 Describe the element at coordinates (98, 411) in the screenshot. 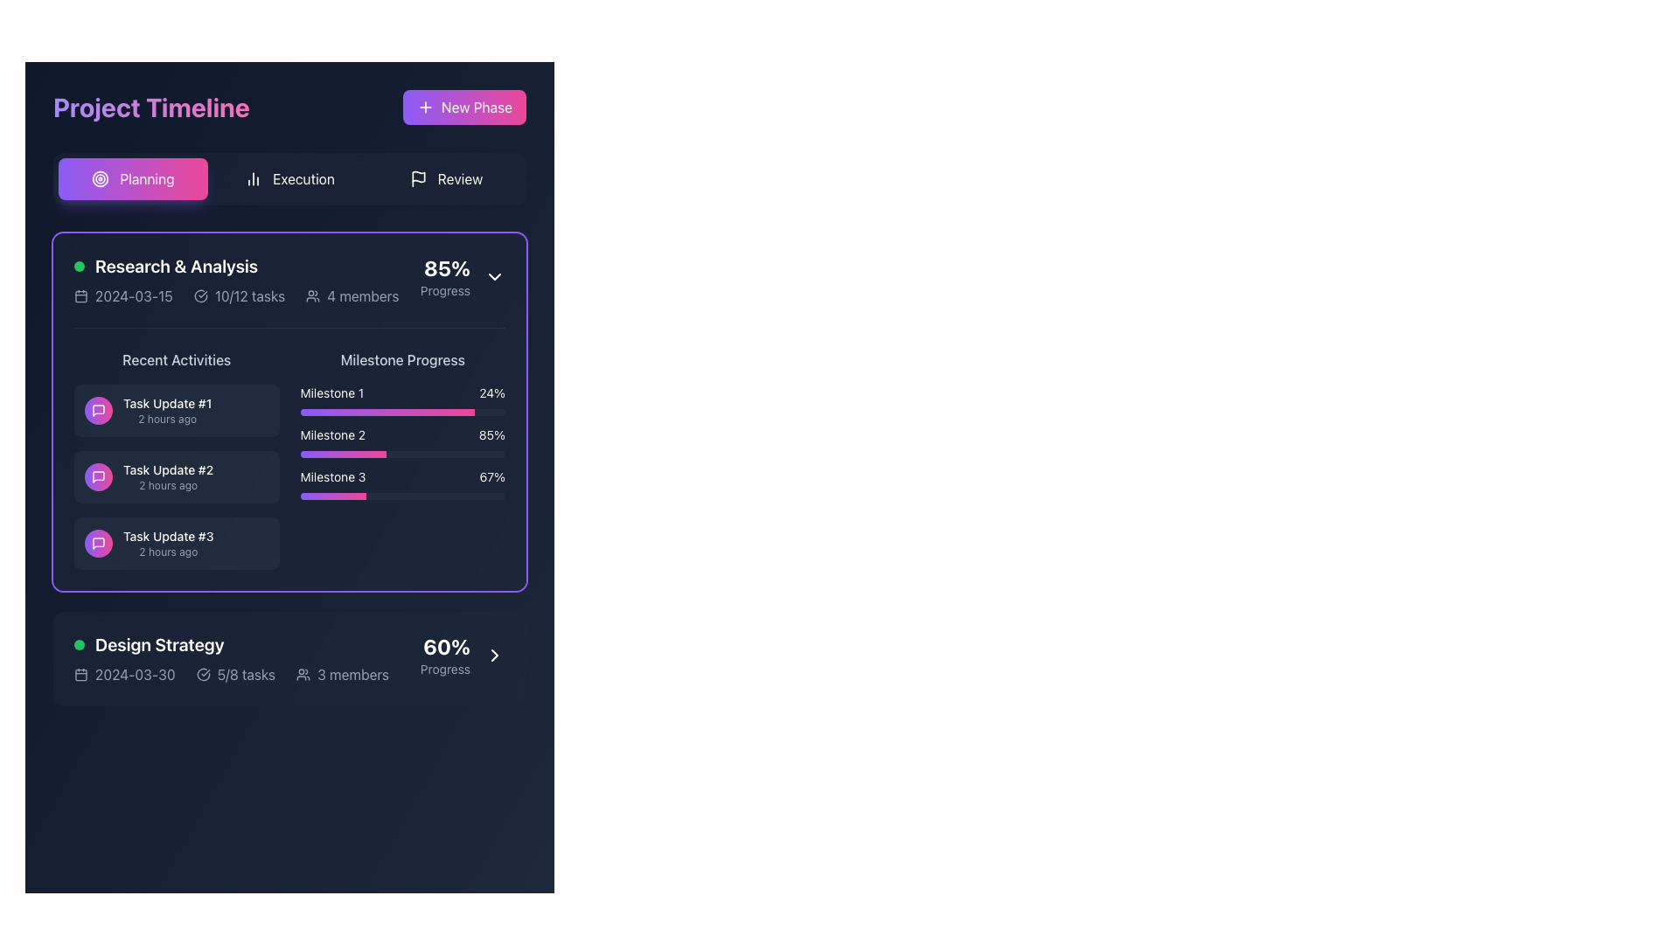

I see `the circular icon with a gradient background transitioning from violet to pink, featuring a white minimalist speech bubble in the center, located in the 'Recent Activities' section of the 'Research & Analysis' area` at that location.